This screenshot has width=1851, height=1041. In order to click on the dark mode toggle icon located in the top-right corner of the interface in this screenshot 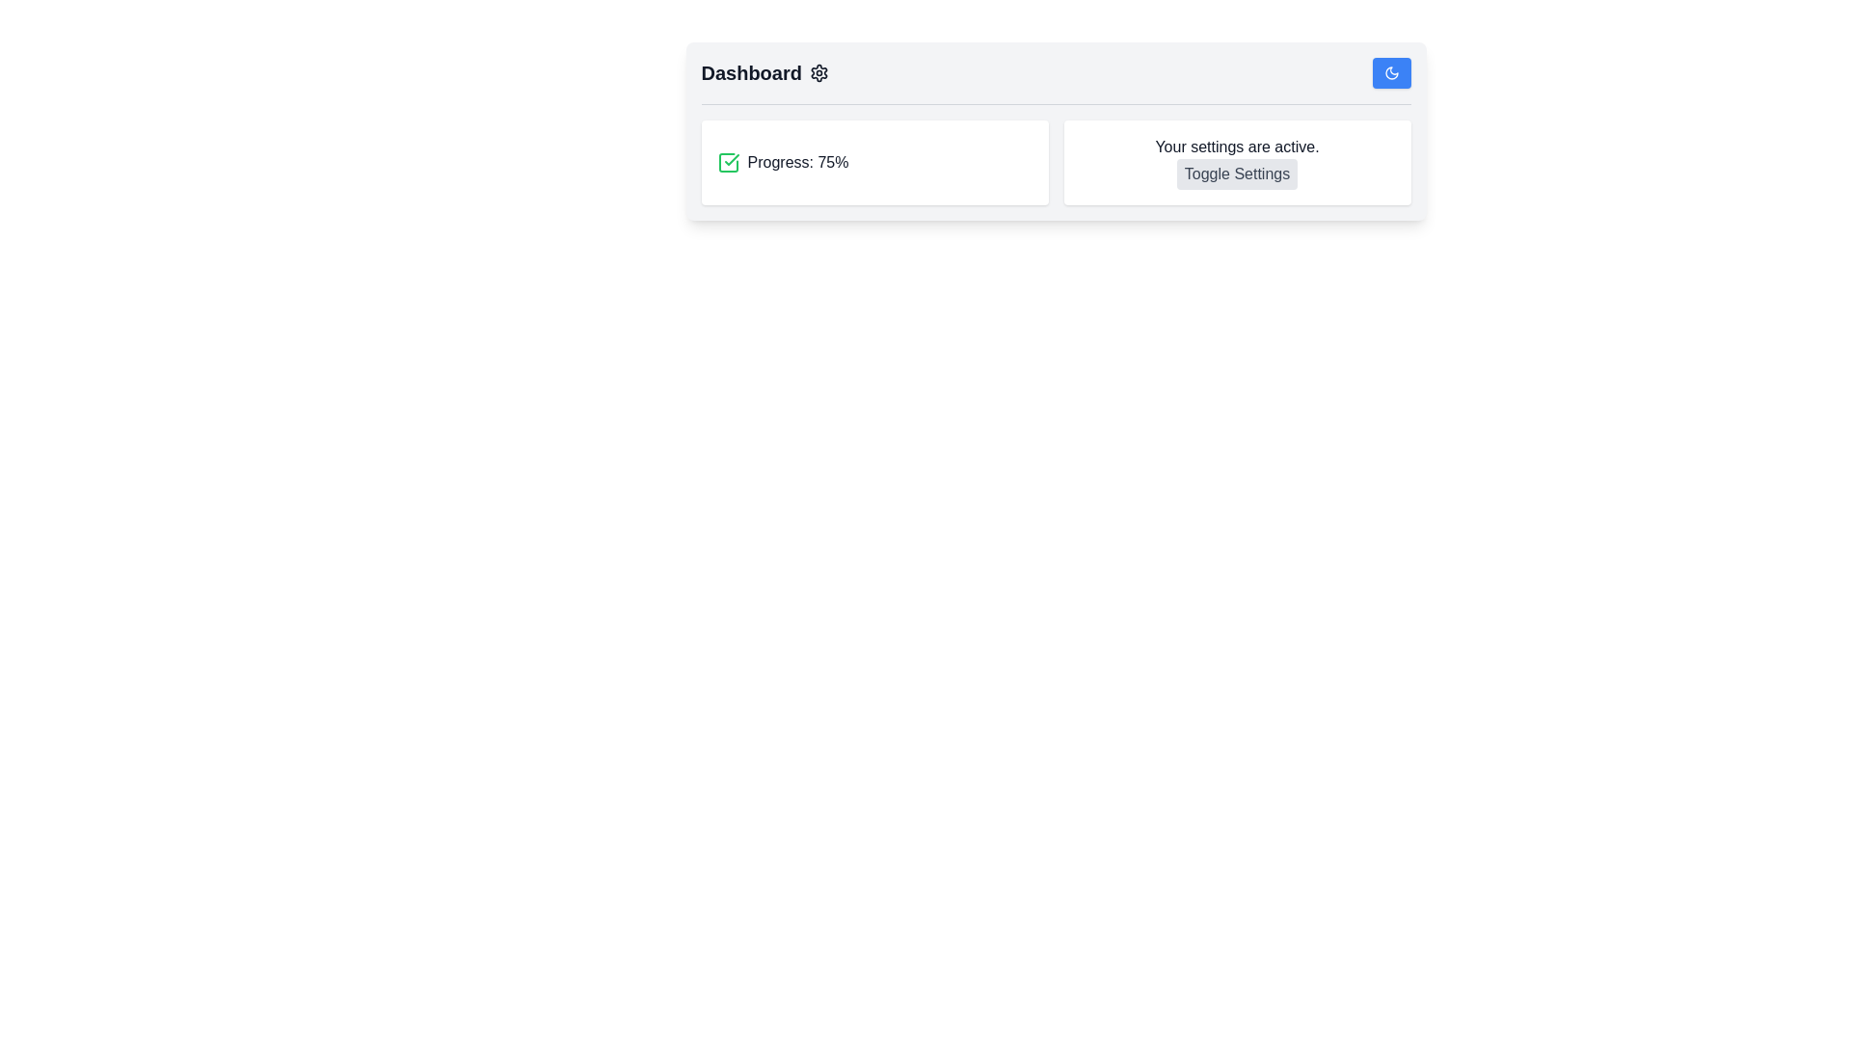, I will do `click(1391, 72)`.